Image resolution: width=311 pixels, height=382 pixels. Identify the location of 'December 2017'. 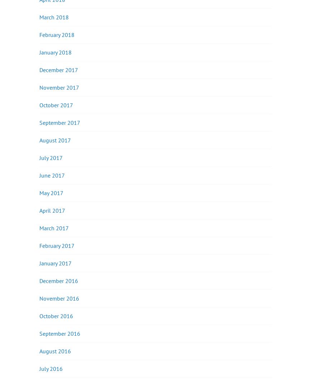
(39, 69).